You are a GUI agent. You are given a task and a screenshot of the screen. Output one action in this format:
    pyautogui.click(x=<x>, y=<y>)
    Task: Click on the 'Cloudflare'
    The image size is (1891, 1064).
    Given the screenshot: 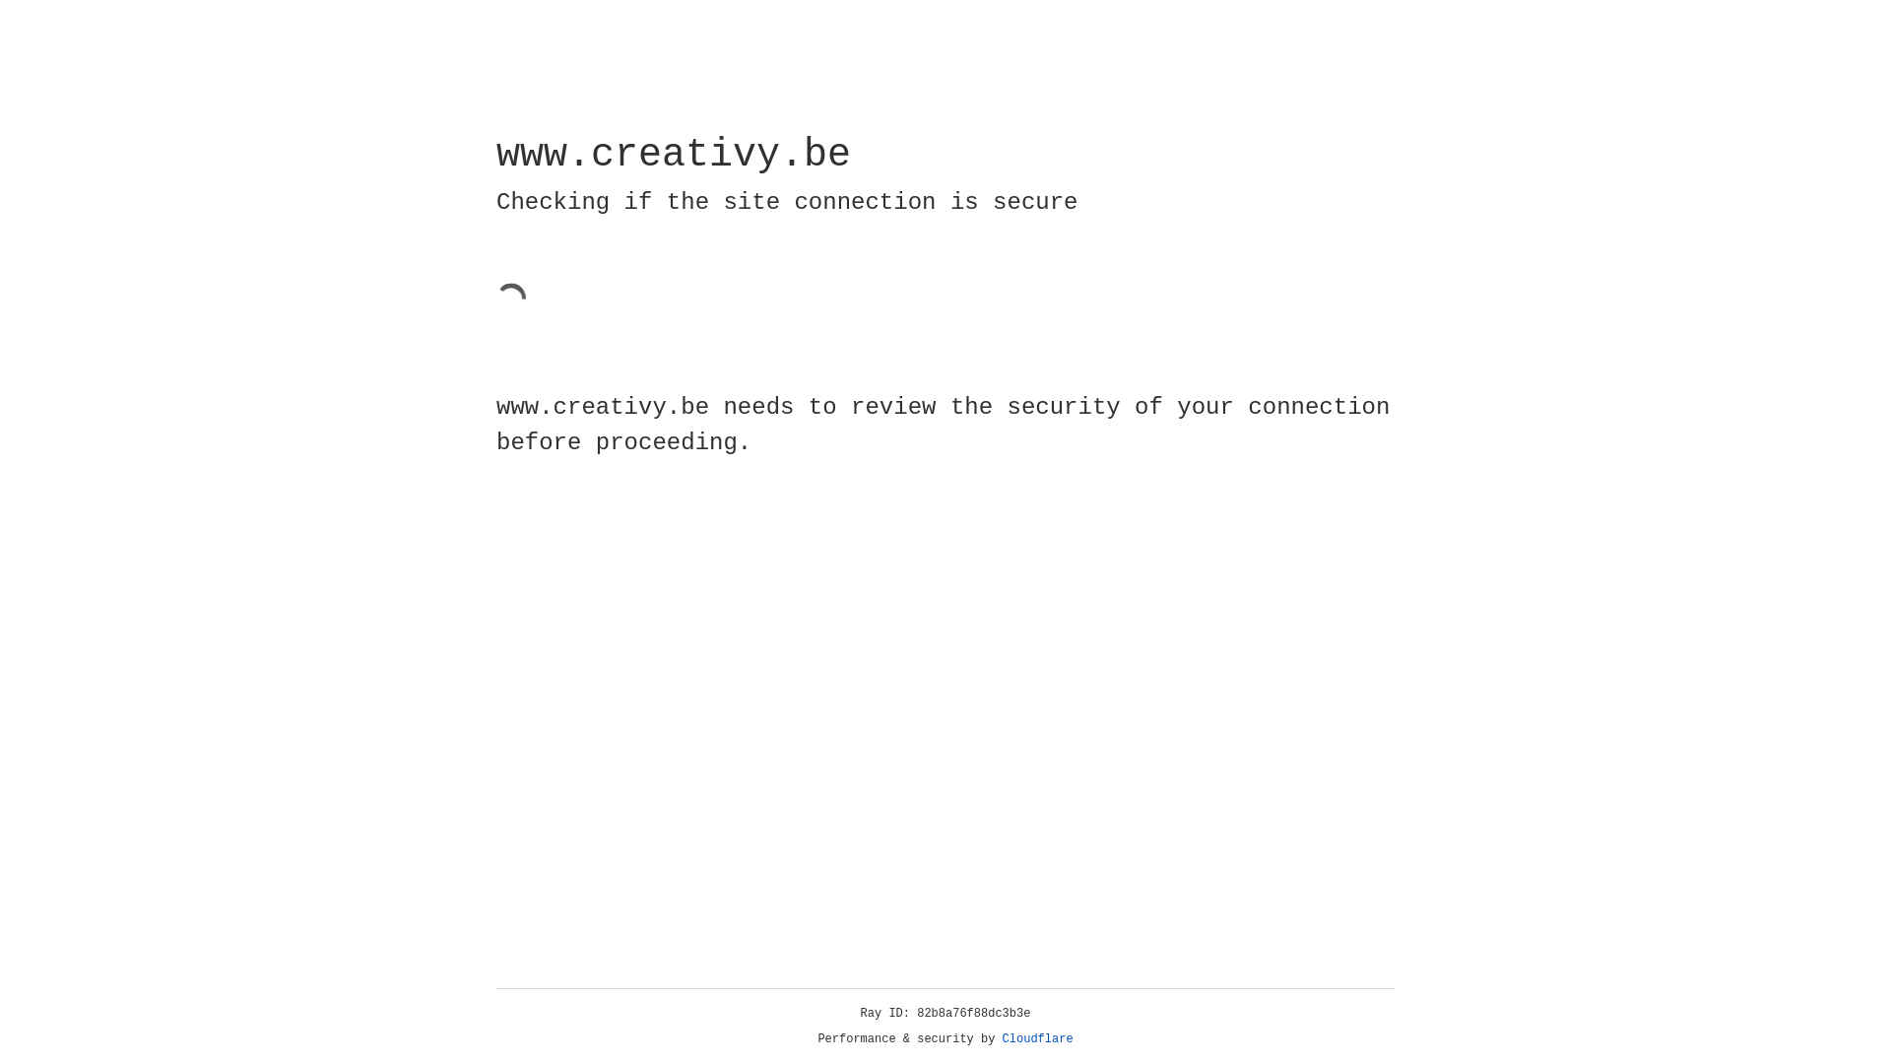 What is the action you would take?
    pyautogui.click(x=1037, y=1038)
    